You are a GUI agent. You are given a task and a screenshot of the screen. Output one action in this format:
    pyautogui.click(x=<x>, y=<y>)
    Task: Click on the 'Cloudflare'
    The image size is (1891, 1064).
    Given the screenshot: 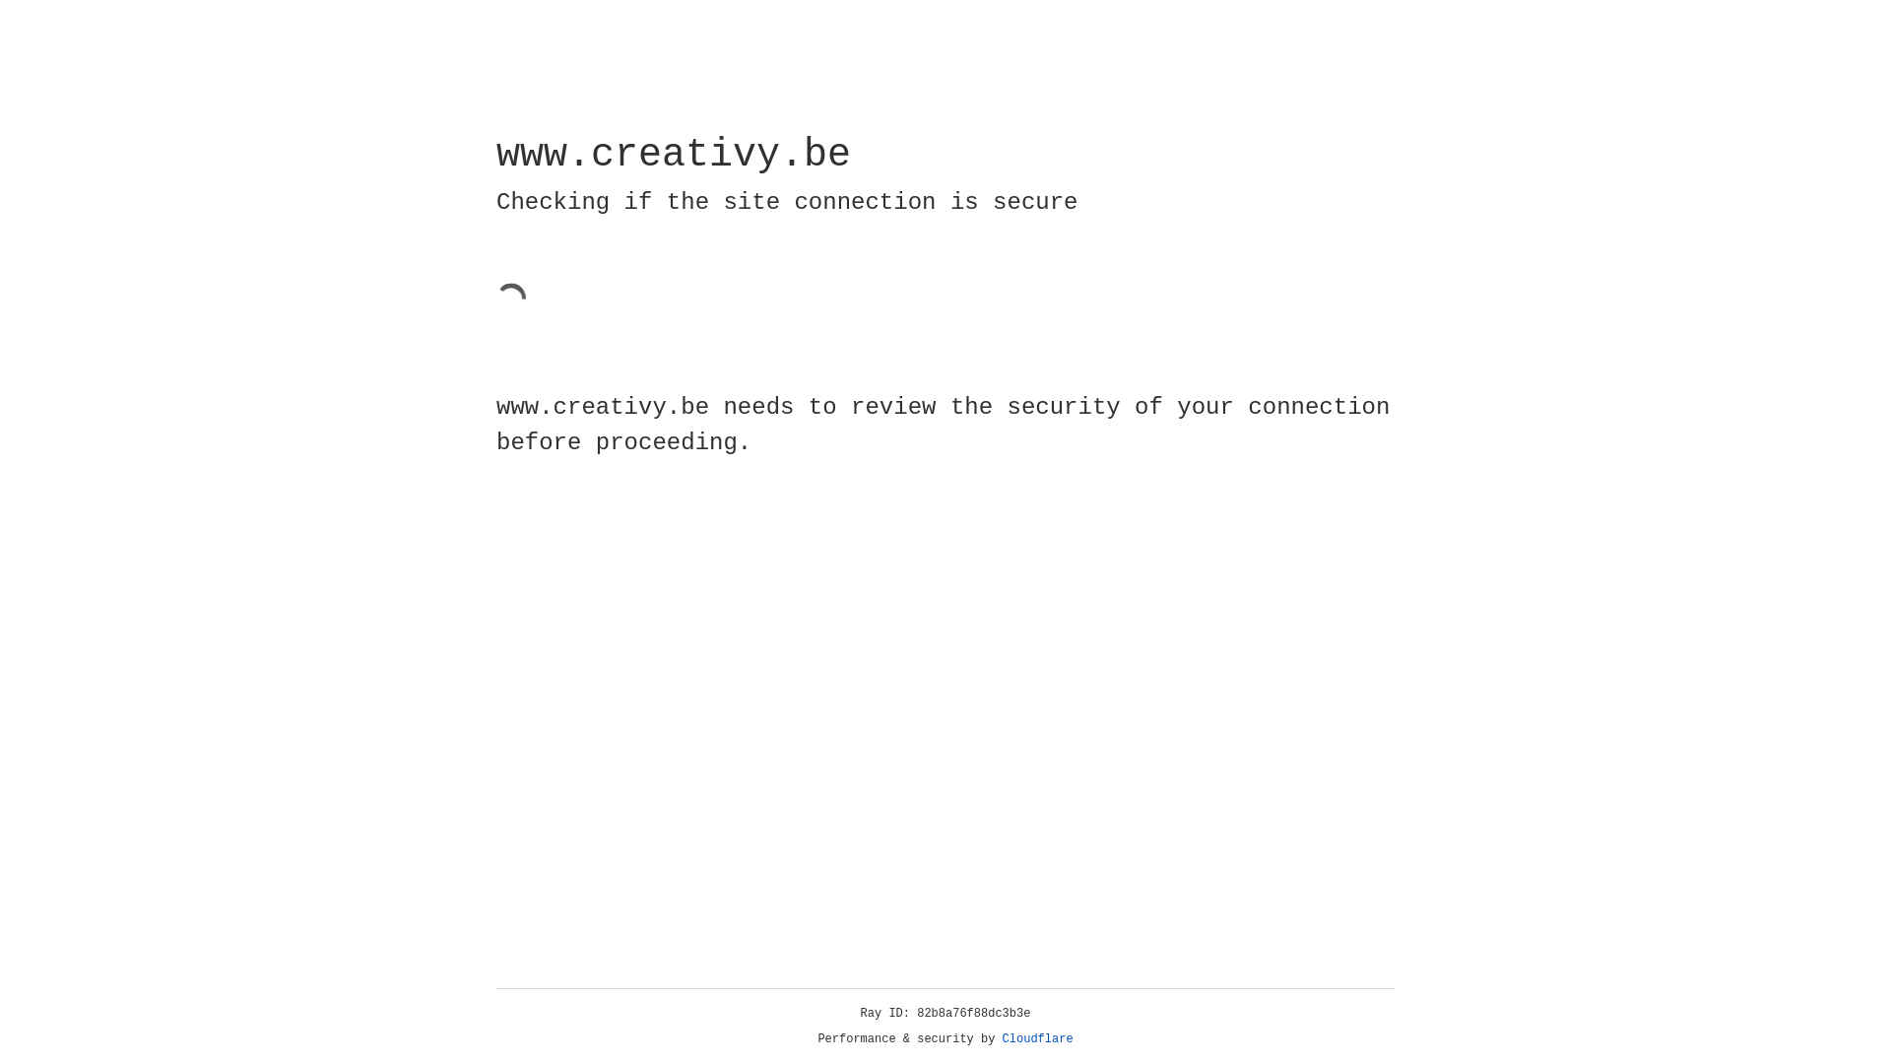 What is the action you would take?
    pyautogui.click(x=1037, y=1038)
    